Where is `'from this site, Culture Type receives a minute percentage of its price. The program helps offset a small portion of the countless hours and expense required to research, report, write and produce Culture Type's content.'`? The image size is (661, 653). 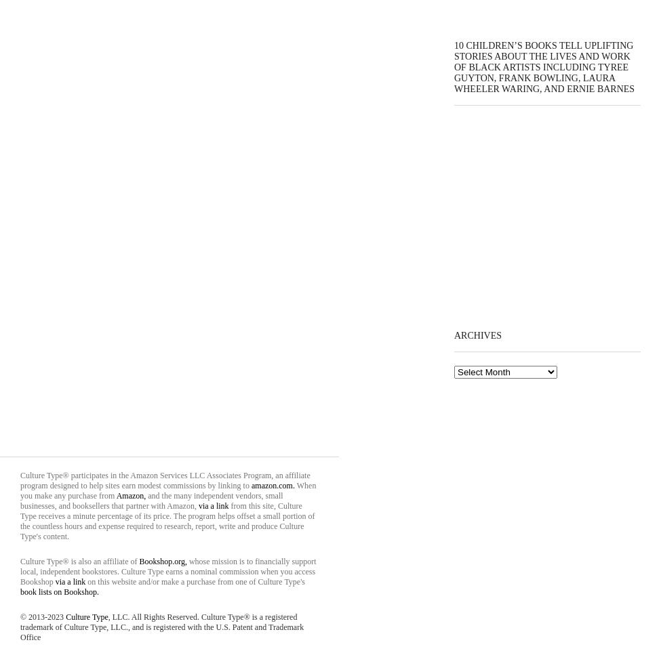
'from this site, Culture Type receives a minute percentage of its price. The program helps offset a small portion of the countless hours and expense required to research, report, write and produce Culture Type's content.' is located at coordinates (167, 520).